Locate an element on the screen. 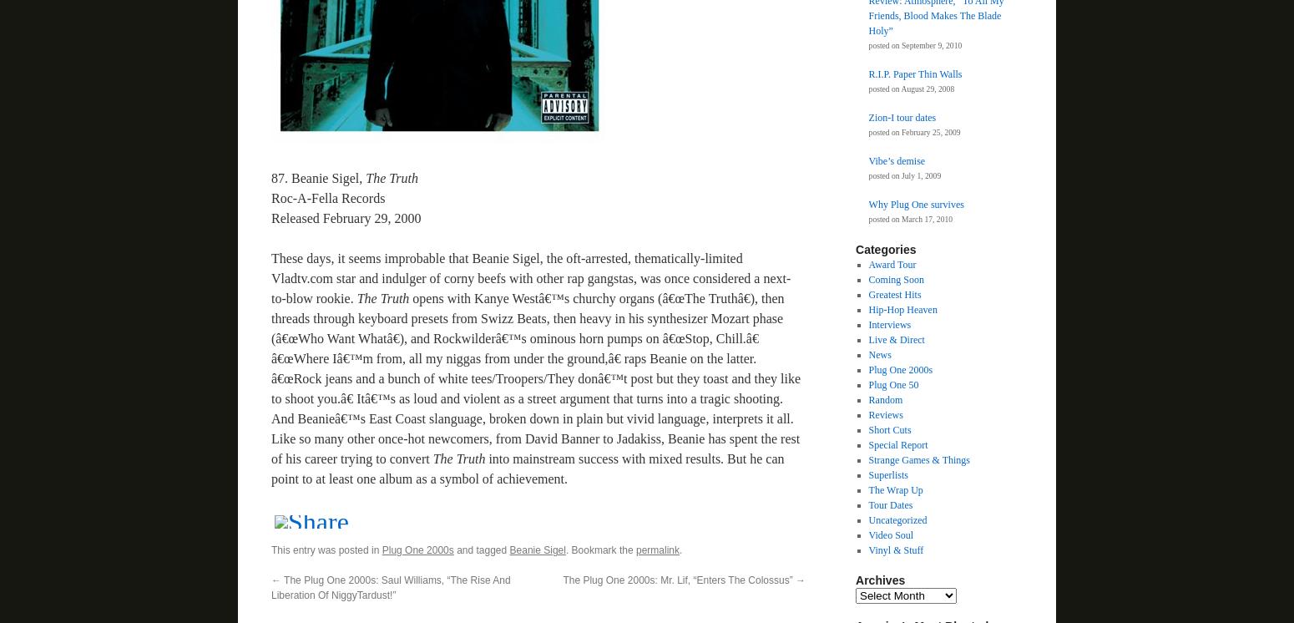  'This entry was posted in' is located at coordinates (270, 550).